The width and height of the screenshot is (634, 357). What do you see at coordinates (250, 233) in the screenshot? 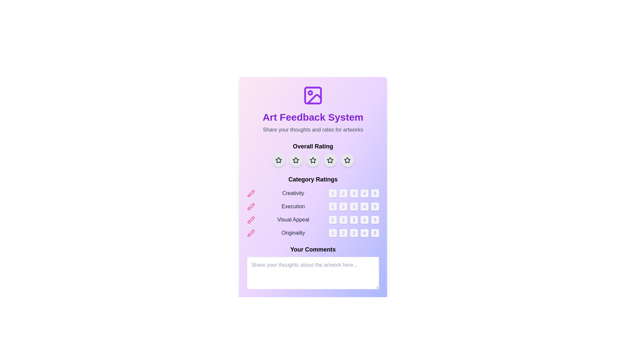
I see `the pink brush icon located to the left of the 'Originality' label in the 'Category Ratings' section` at bounding box center [250, 233].